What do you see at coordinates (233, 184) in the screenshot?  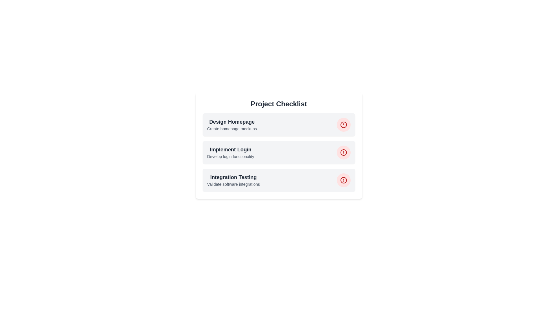 I see `the static text element displaying the message 'Validate software integrations.' located directly below the 'Integration Testing' text in the bottom row of the vertical list` at bounding box center [233, 184].